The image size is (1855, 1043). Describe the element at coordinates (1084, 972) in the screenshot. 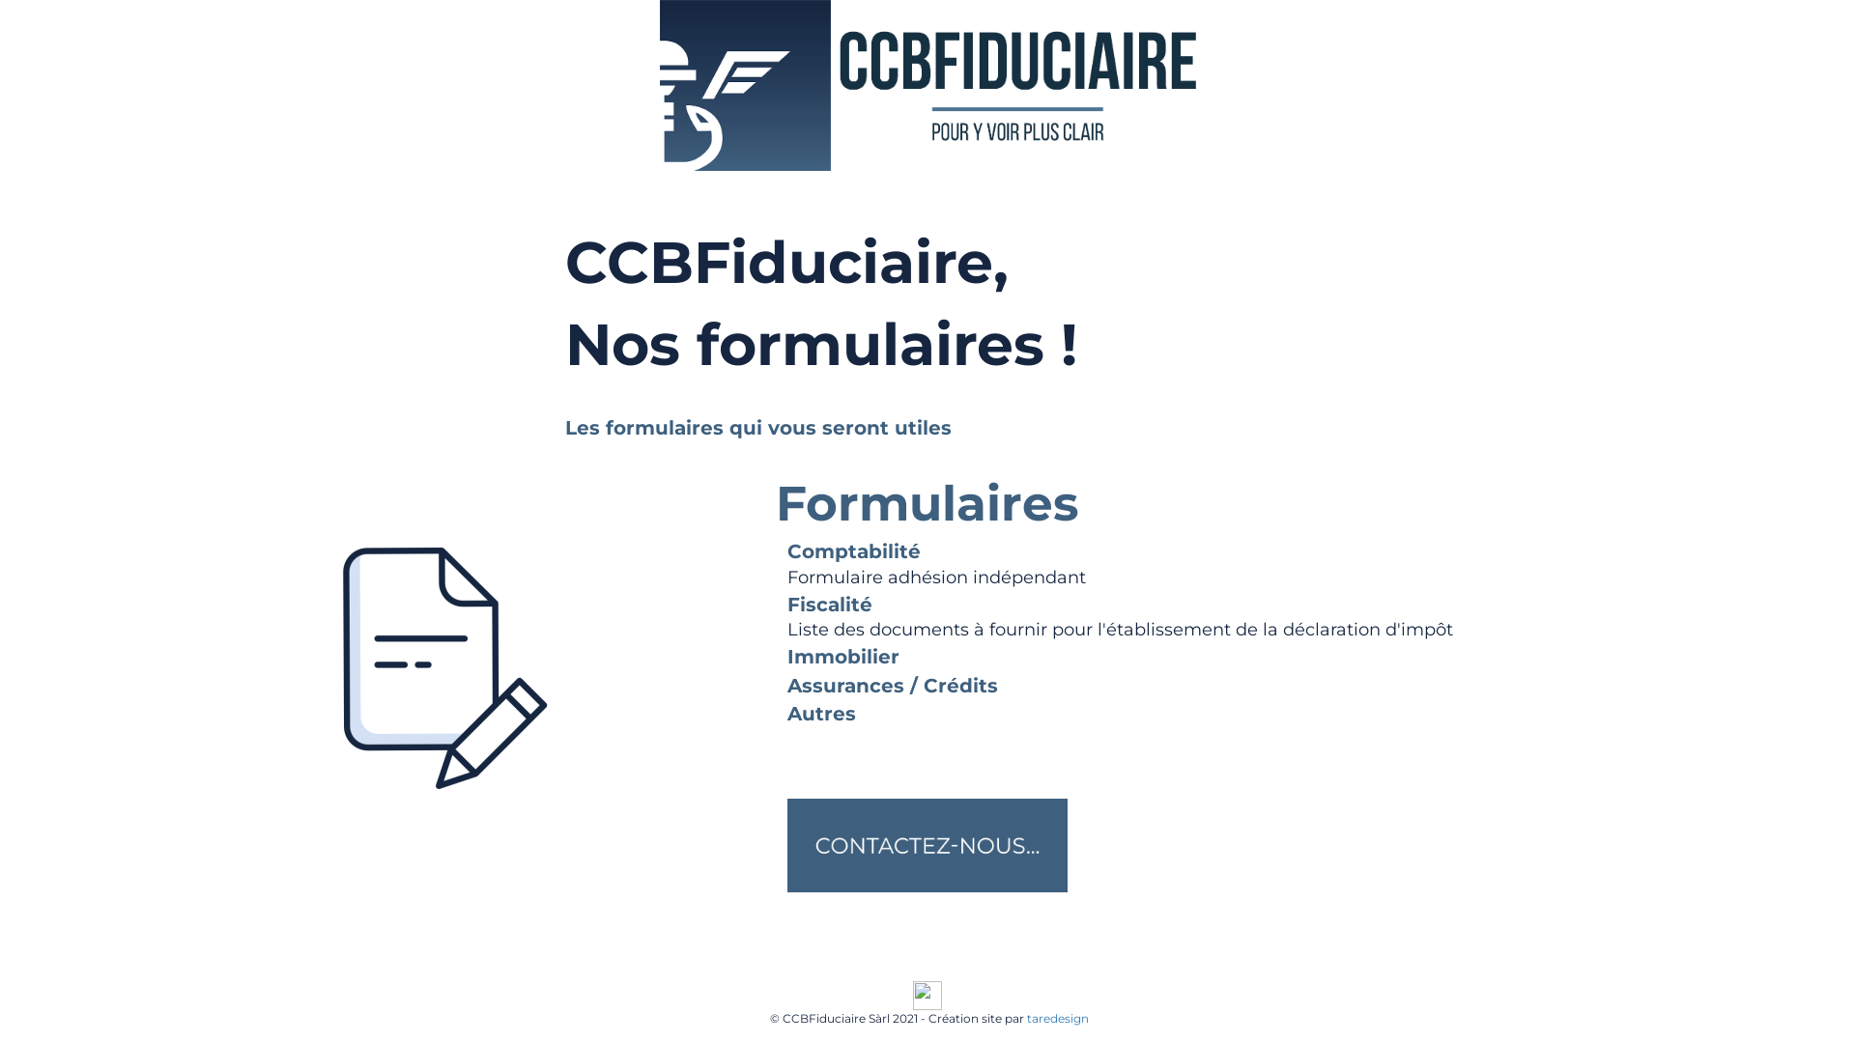

I see `'assurances@ccbfiduciaire.ch'` at that location.